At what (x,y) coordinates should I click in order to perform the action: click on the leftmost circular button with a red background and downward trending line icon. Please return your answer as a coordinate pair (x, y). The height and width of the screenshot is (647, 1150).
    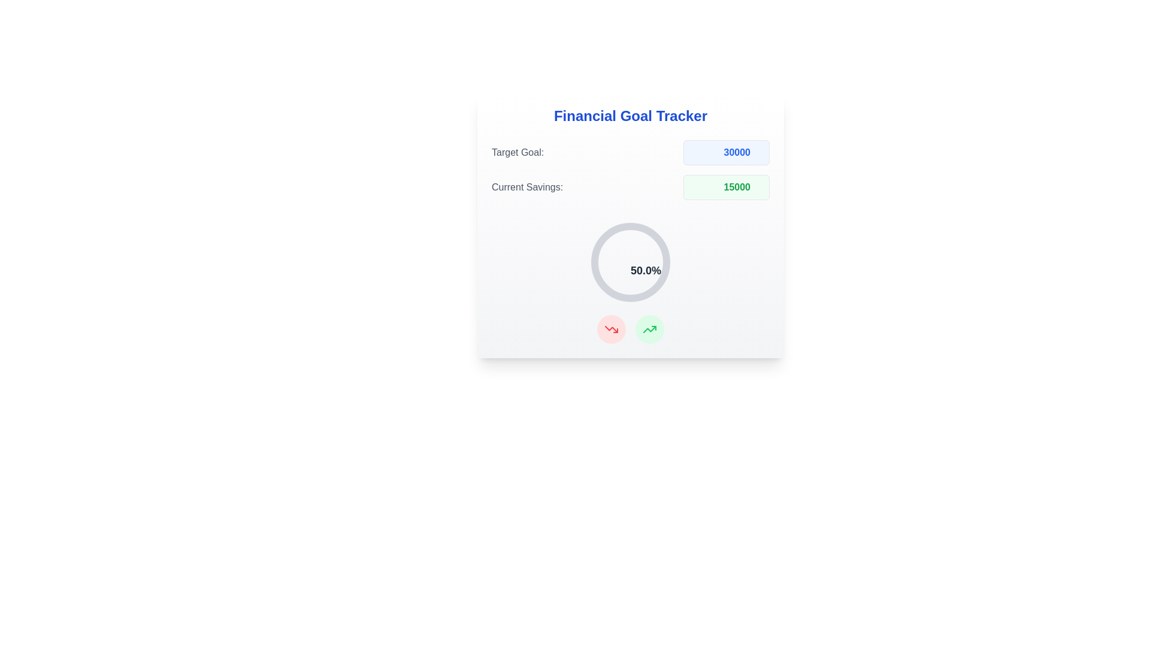
    Looking at the image, I should click on (612, 329).